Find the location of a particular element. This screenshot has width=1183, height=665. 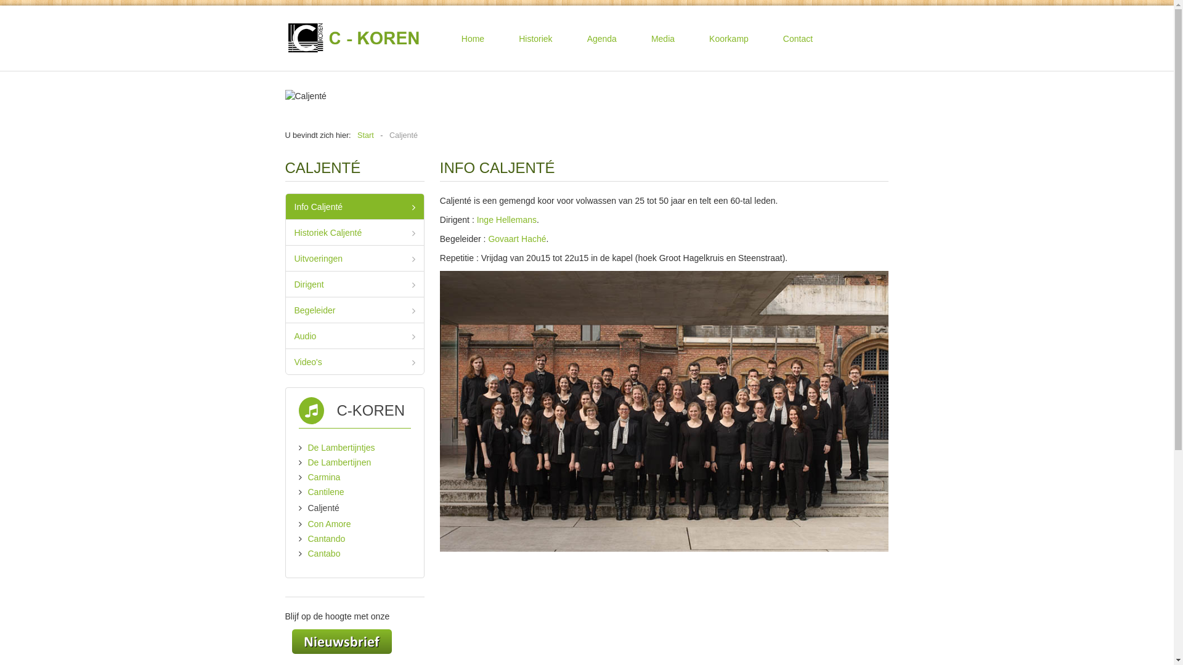

'Start' is located at coordinates (365, 135).